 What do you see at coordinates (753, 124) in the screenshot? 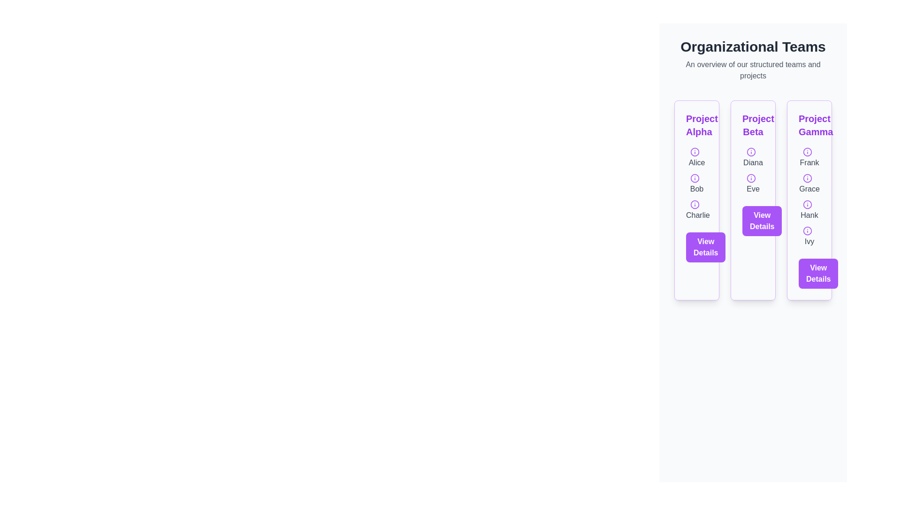
I see `the 'Project Beta' text label, which is displayed in a bold, large, and purple-styled font at the top of the middle card section, above the names 'Diana' and 'Eve'` at bounding box center [753, 124].